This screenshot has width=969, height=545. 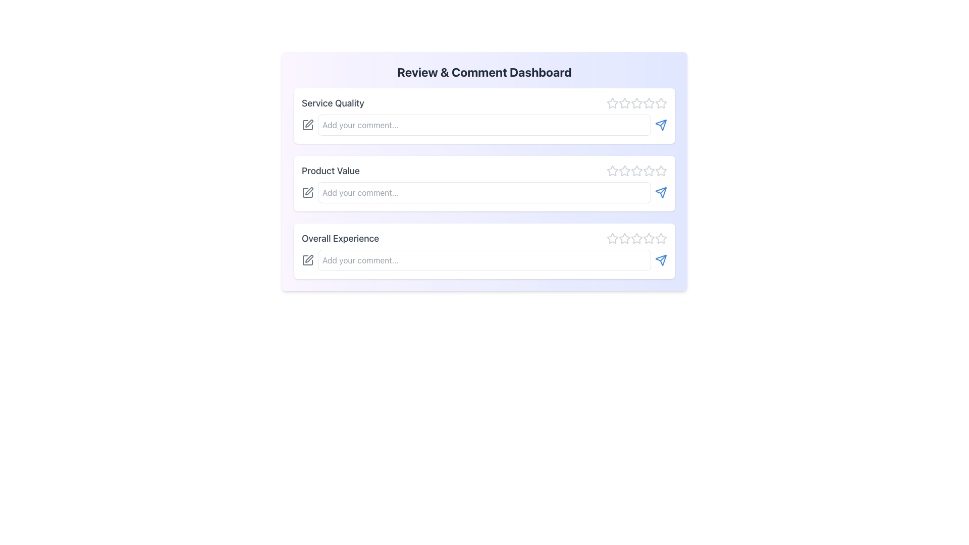 I want to click on the 'Product Value' text label, which is displayed in gray color and located to the left of the star icons in the review interface, so click(x=331, y=171).